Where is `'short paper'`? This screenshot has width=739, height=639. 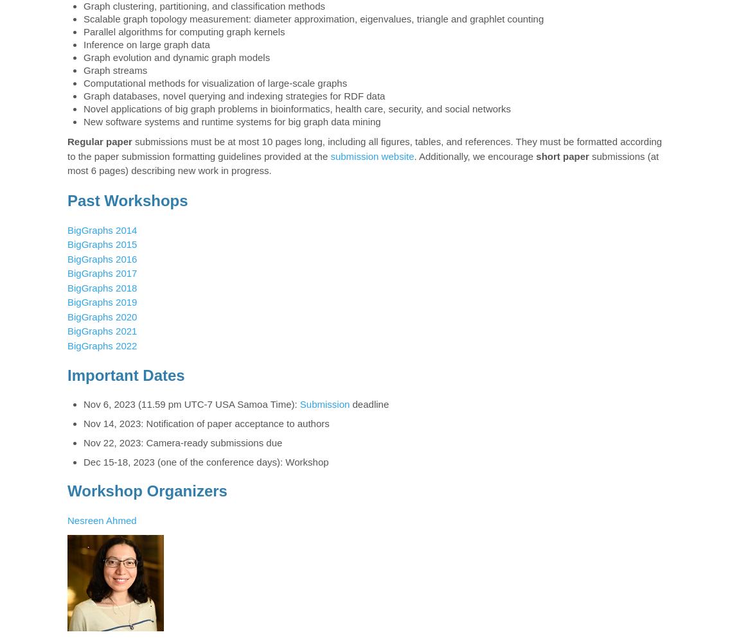 'short paper' is located at coordinates (562, 155).